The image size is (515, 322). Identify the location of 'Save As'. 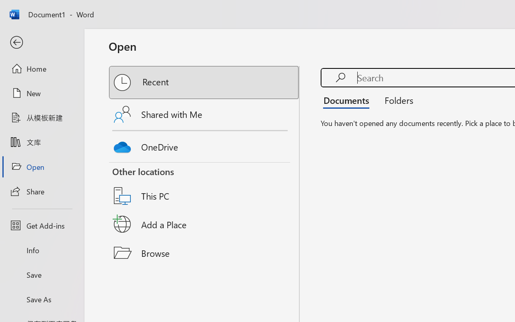
(41, 299).